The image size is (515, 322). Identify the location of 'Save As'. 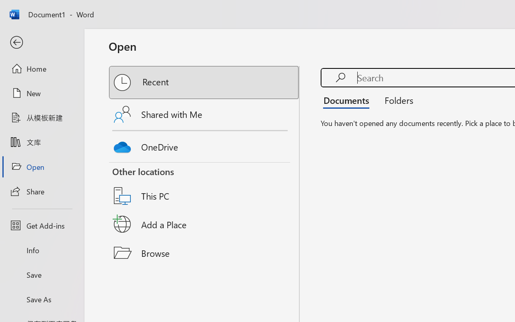
(41, 299).